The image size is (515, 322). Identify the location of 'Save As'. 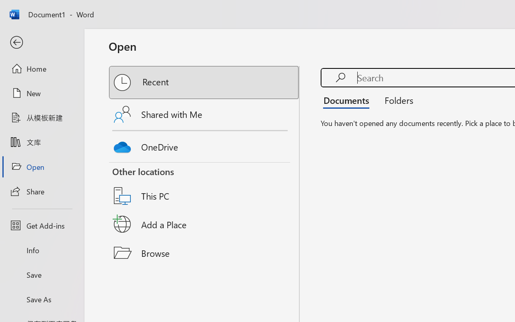
(41, 299).